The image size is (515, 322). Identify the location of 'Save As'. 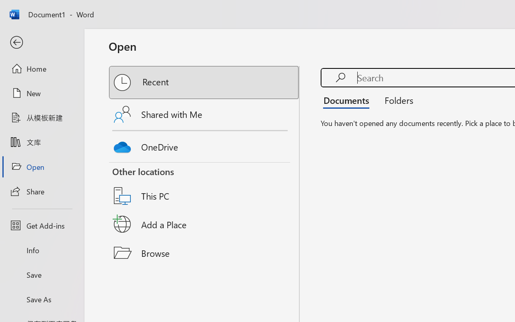
(41, 299).